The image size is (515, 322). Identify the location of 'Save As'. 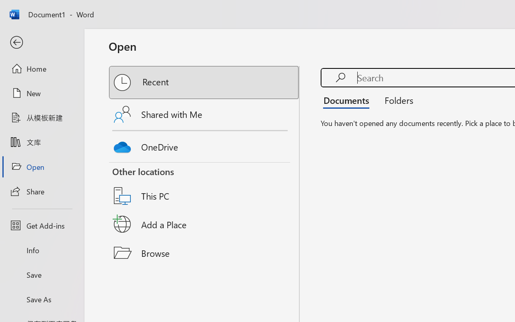
(41, 299).